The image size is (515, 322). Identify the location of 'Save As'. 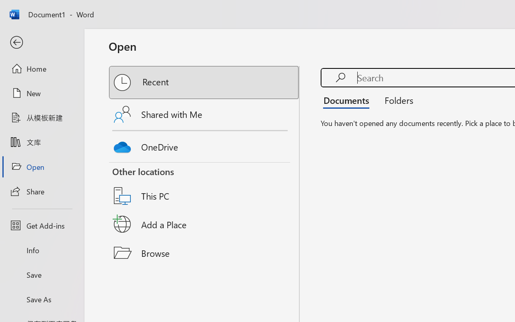
(41, 299).